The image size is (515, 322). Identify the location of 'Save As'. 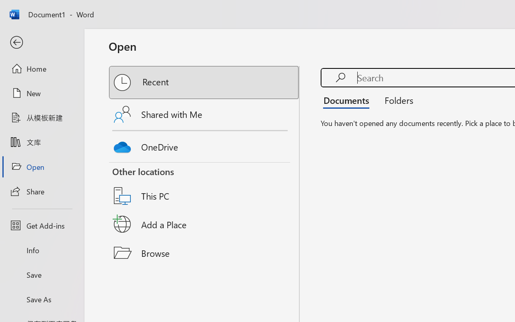
(41, 299).